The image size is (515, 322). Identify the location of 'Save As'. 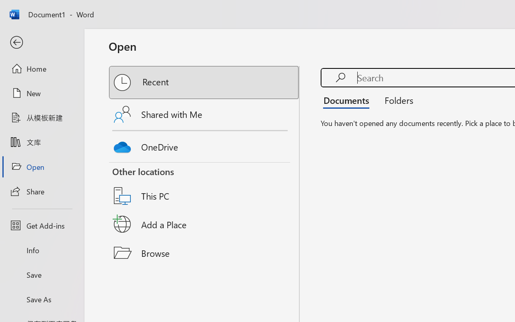
(41, 299).